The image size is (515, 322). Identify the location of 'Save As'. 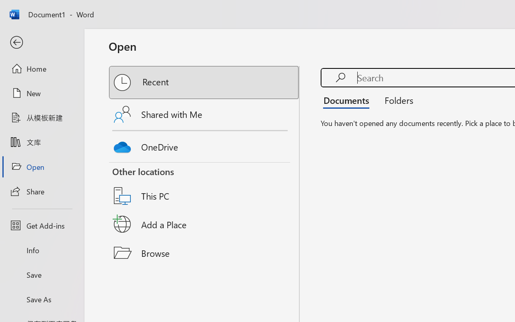
(41, 299).